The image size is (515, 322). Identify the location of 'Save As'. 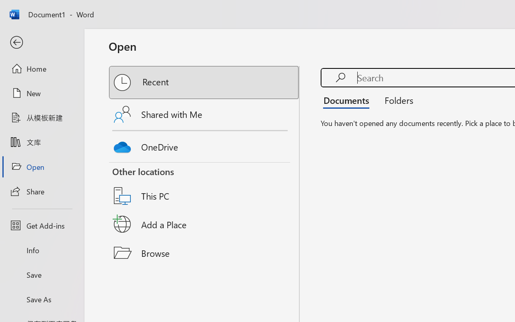
(41, 299).